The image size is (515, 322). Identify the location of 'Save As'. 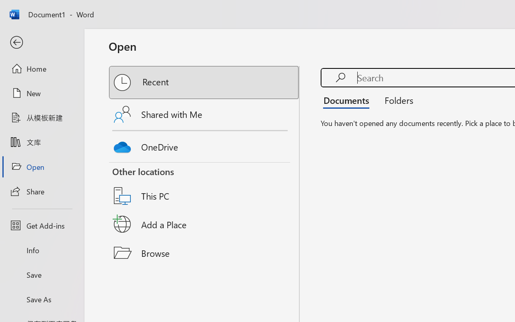
(41, 299).